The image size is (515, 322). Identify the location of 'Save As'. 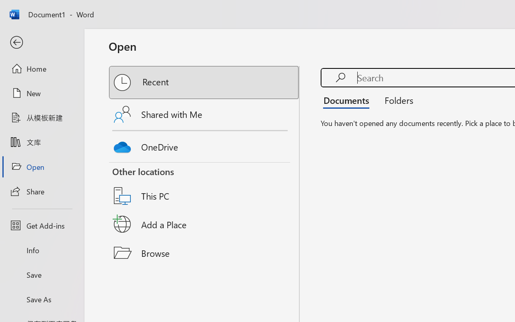
(41, 299).